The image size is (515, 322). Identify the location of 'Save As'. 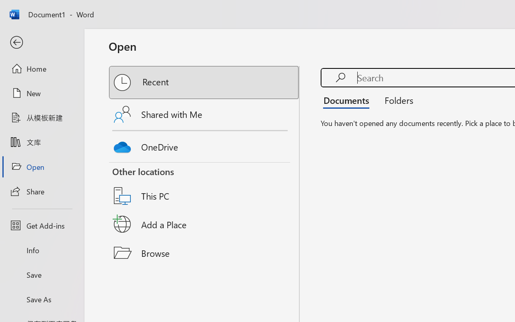
(41, 299).